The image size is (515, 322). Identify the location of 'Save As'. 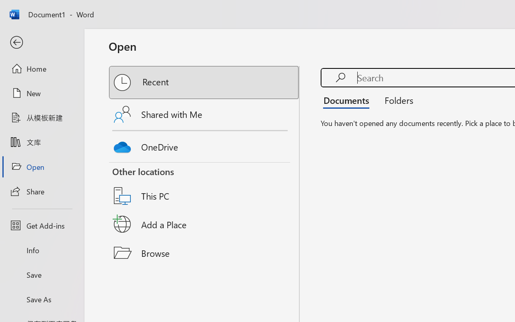
(41, 299).